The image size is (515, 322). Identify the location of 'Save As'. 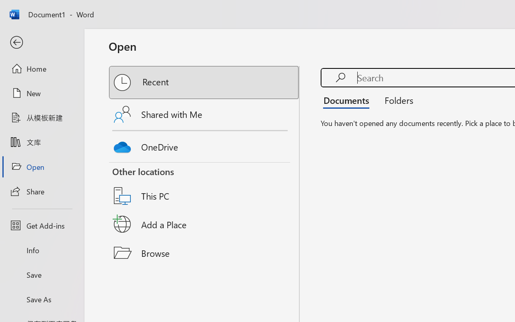
(41, 299).